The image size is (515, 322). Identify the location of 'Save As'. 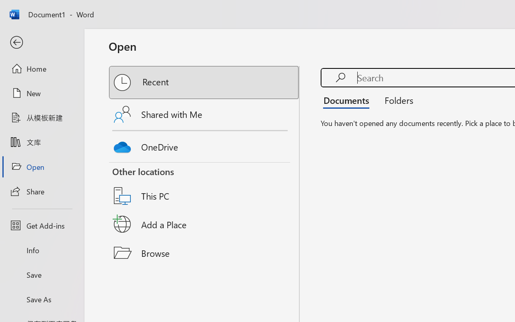
(41, 299).